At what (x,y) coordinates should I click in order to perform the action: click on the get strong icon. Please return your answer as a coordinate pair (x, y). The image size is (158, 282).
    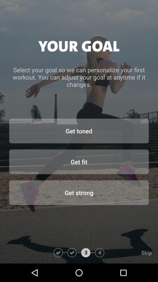
    Looking at the image, I should click on (79, 192).